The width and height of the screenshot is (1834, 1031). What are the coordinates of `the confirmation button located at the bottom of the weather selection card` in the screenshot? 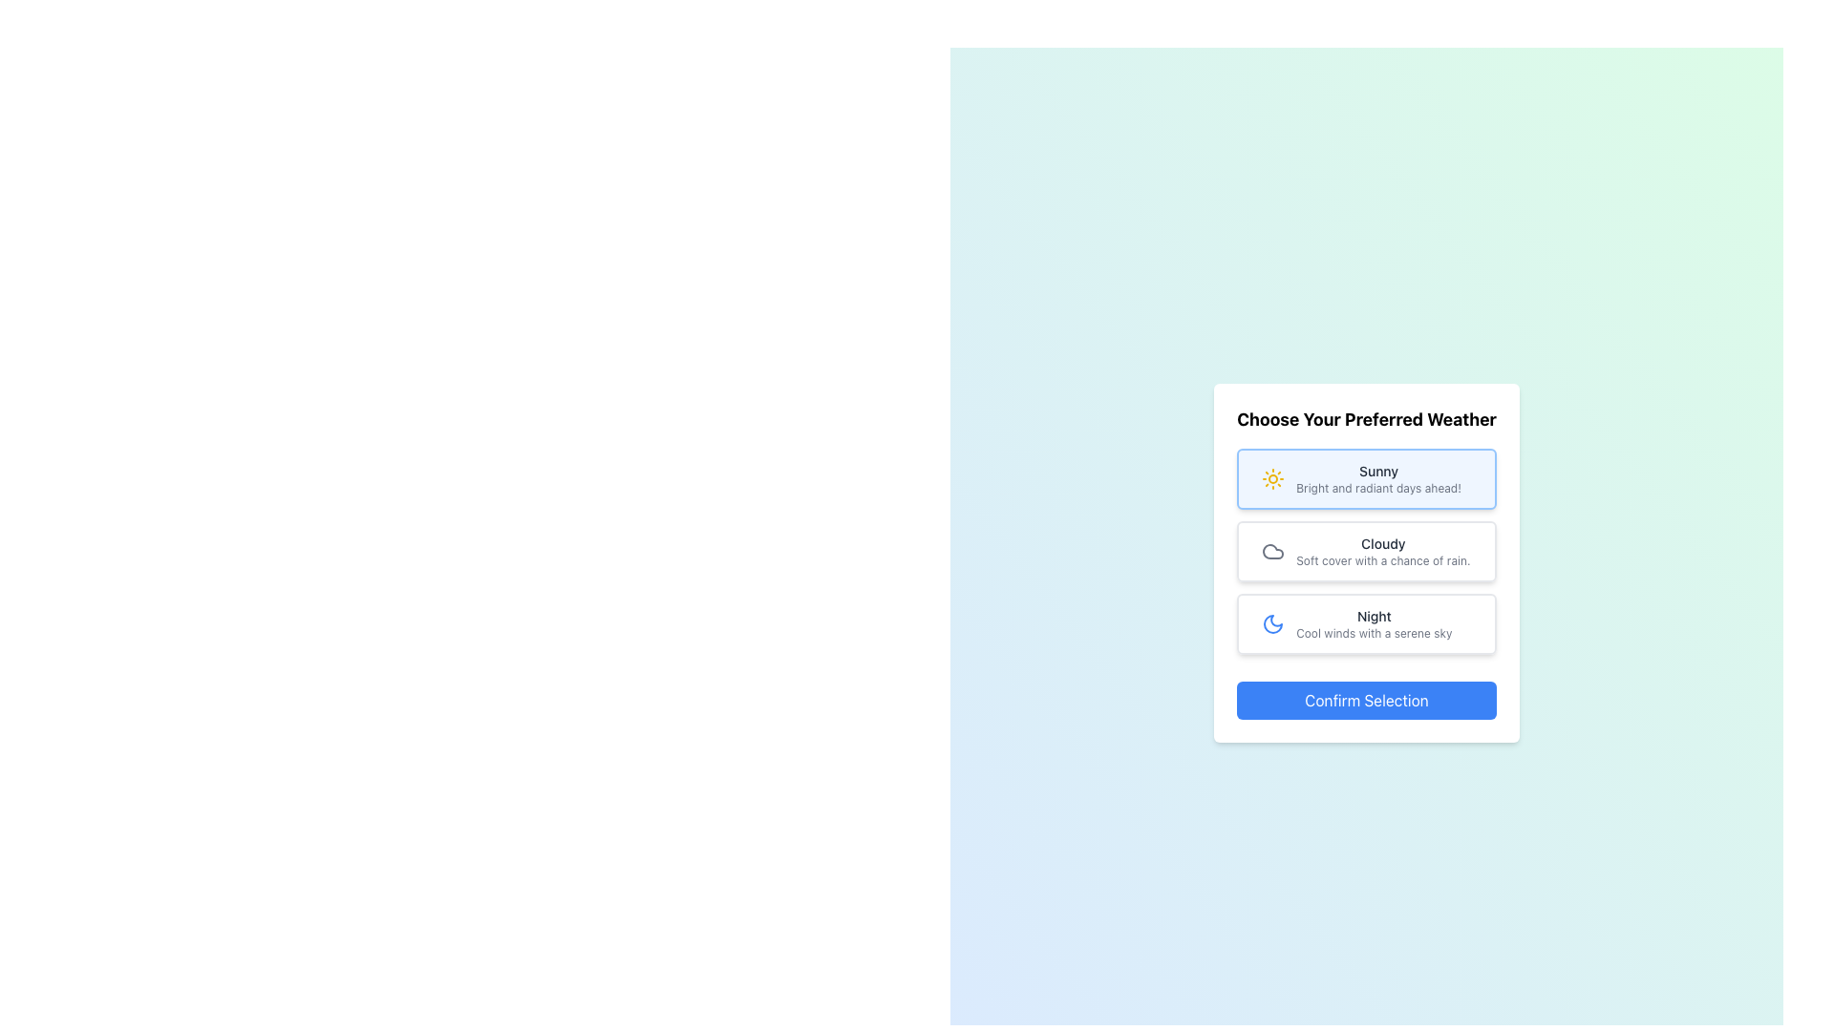 It's located at (1365, 700).